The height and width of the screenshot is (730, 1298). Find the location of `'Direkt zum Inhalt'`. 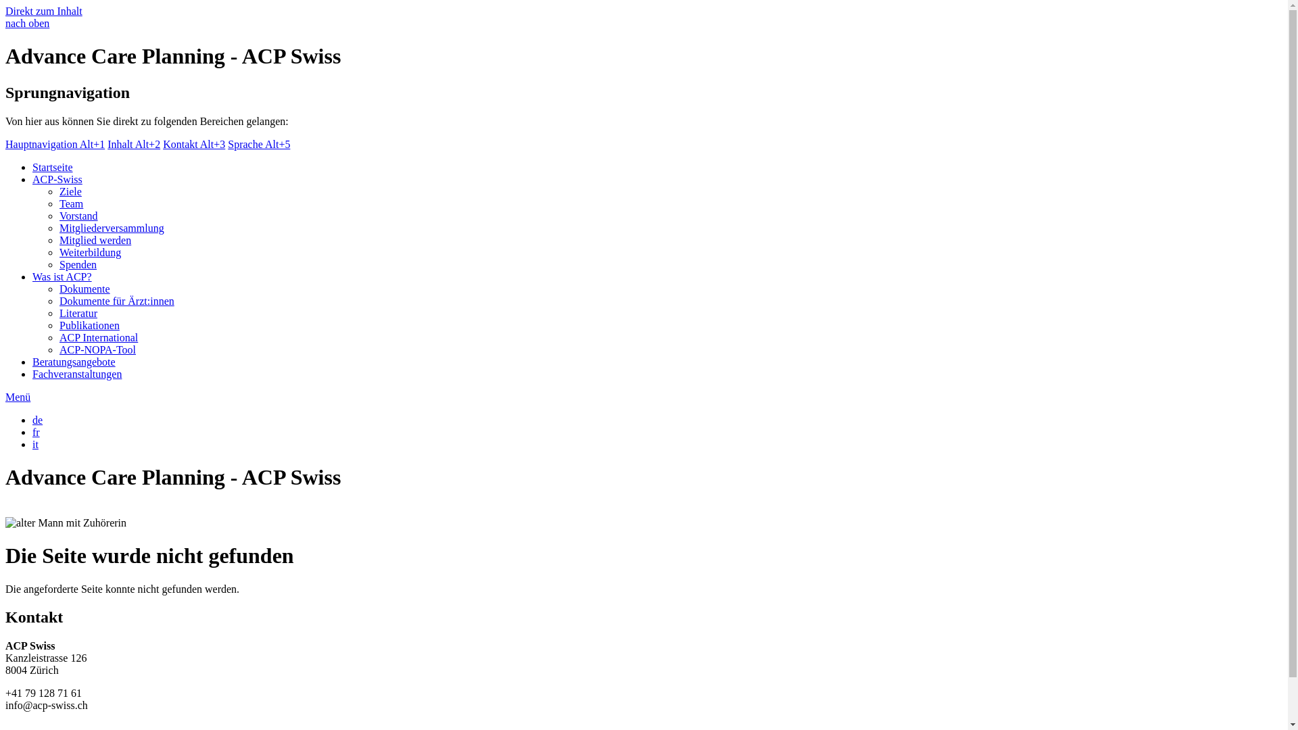

'Direkt zum Inhalt' is located at coordinates (44, 11).